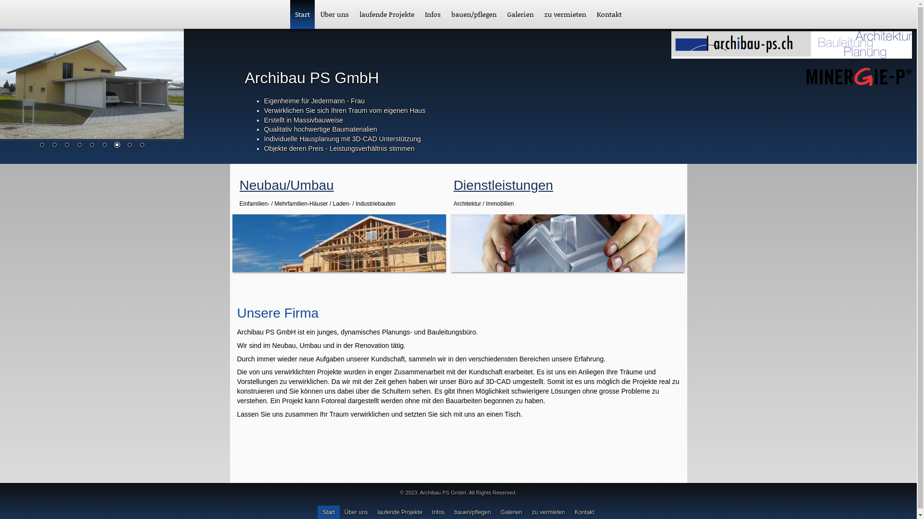  I want to click on '7', so click(111, 146).